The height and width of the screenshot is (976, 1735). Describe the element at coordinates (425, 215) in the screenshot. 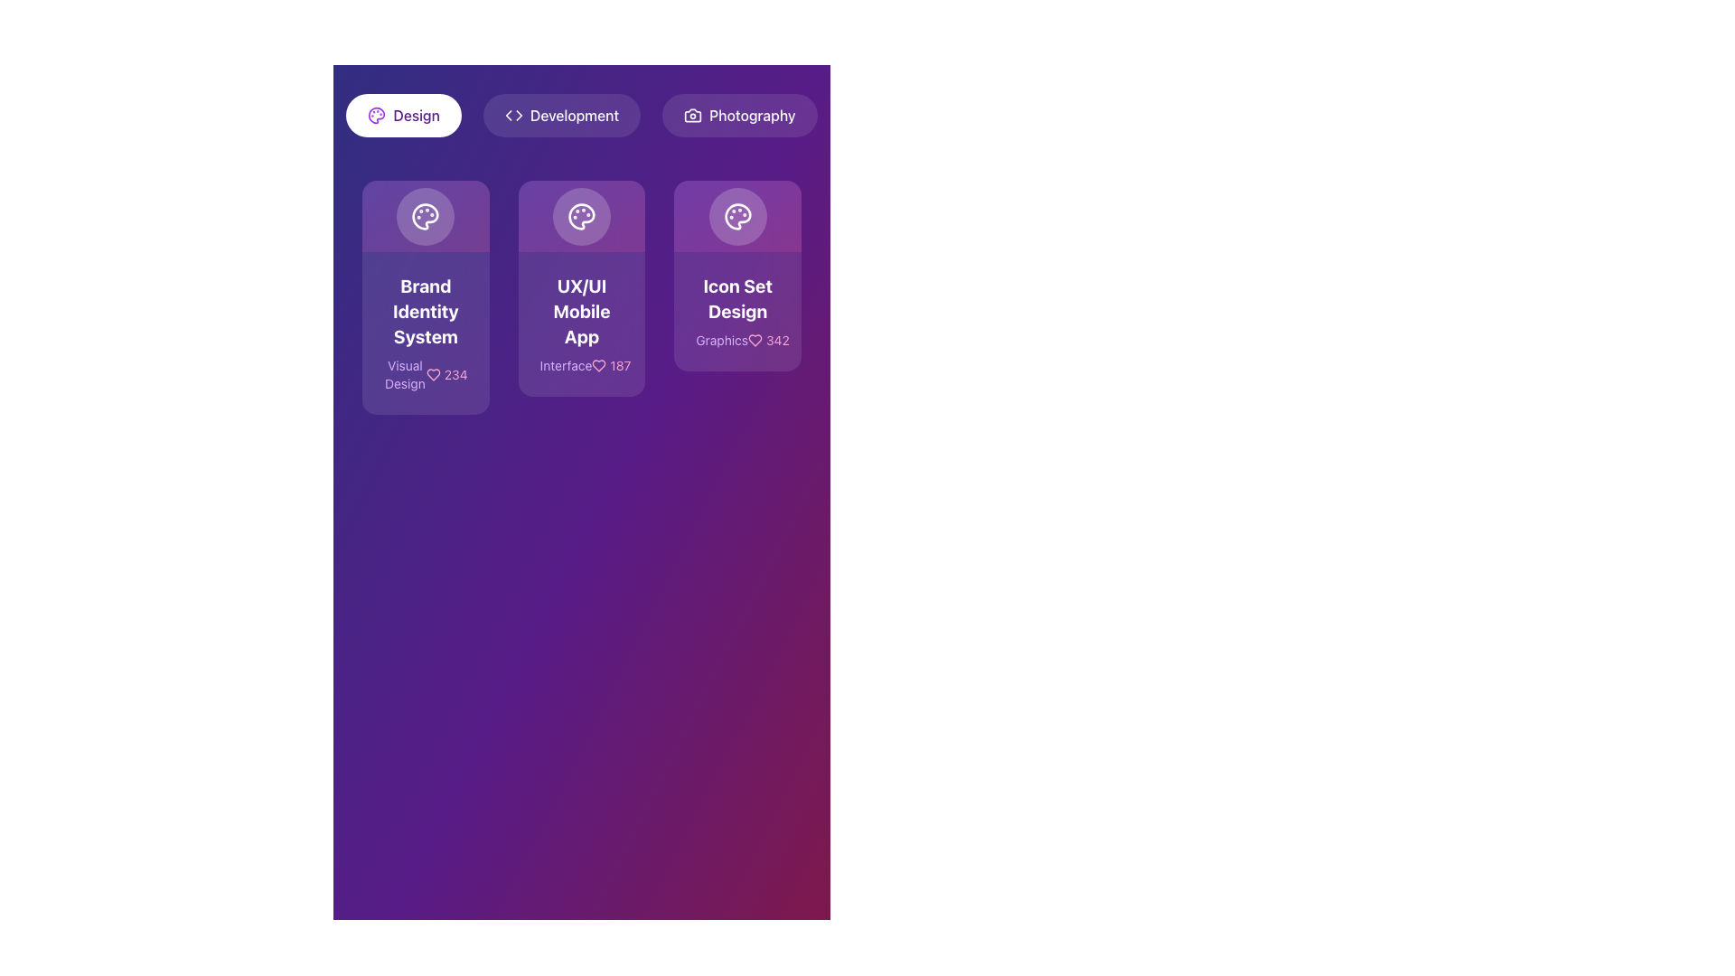

I see `the circular icon containing a palette graphic with small dots, located at the top-center of the 'Brand Identity System' card` at that location.